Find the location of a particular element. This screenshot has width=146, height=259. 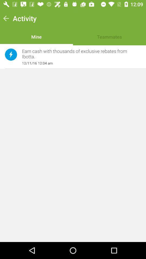

the item above the mine item is located at coordinates (24, 18).